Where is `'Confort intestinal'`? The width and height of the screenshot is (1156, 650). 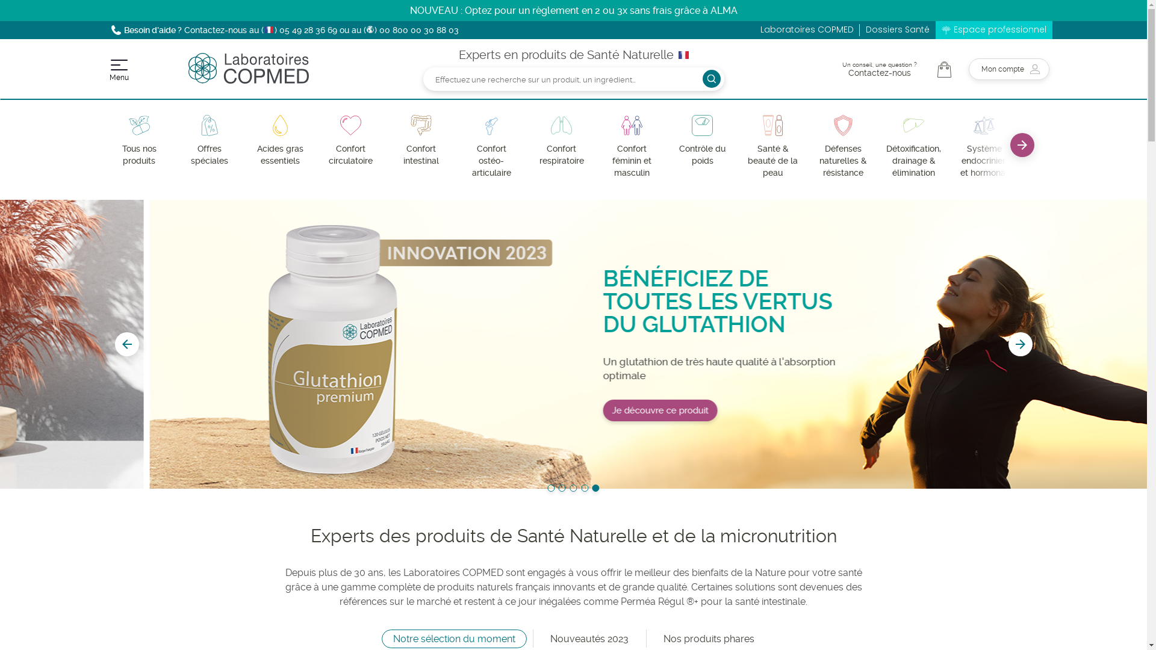 'Confort intestinal' is located at coordinates (420, 140).